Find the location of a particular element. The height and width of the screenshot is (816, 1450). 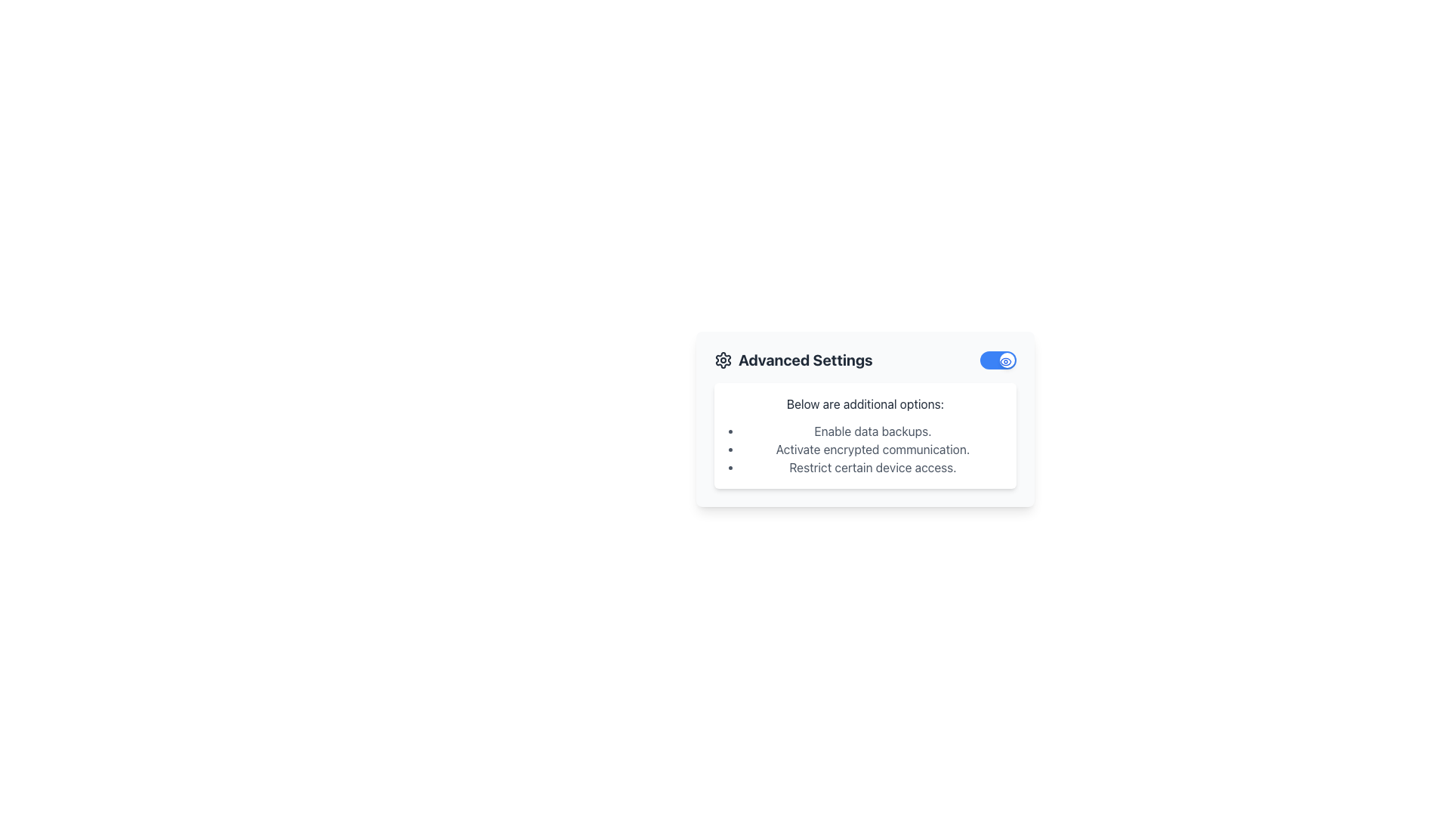

the Toggle Indicator in the Advanced Settings to change its state from 'on' to 'off' or vice versa is located at coordinates (1007, 360).